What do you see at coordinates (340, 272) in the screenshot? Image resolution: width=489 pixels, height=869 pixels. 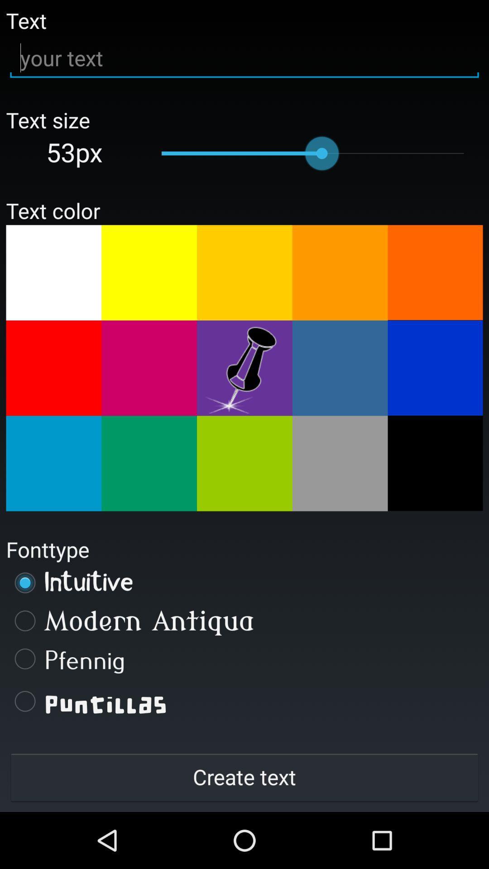 I see `text color orange` at bounding box center [340, 272].